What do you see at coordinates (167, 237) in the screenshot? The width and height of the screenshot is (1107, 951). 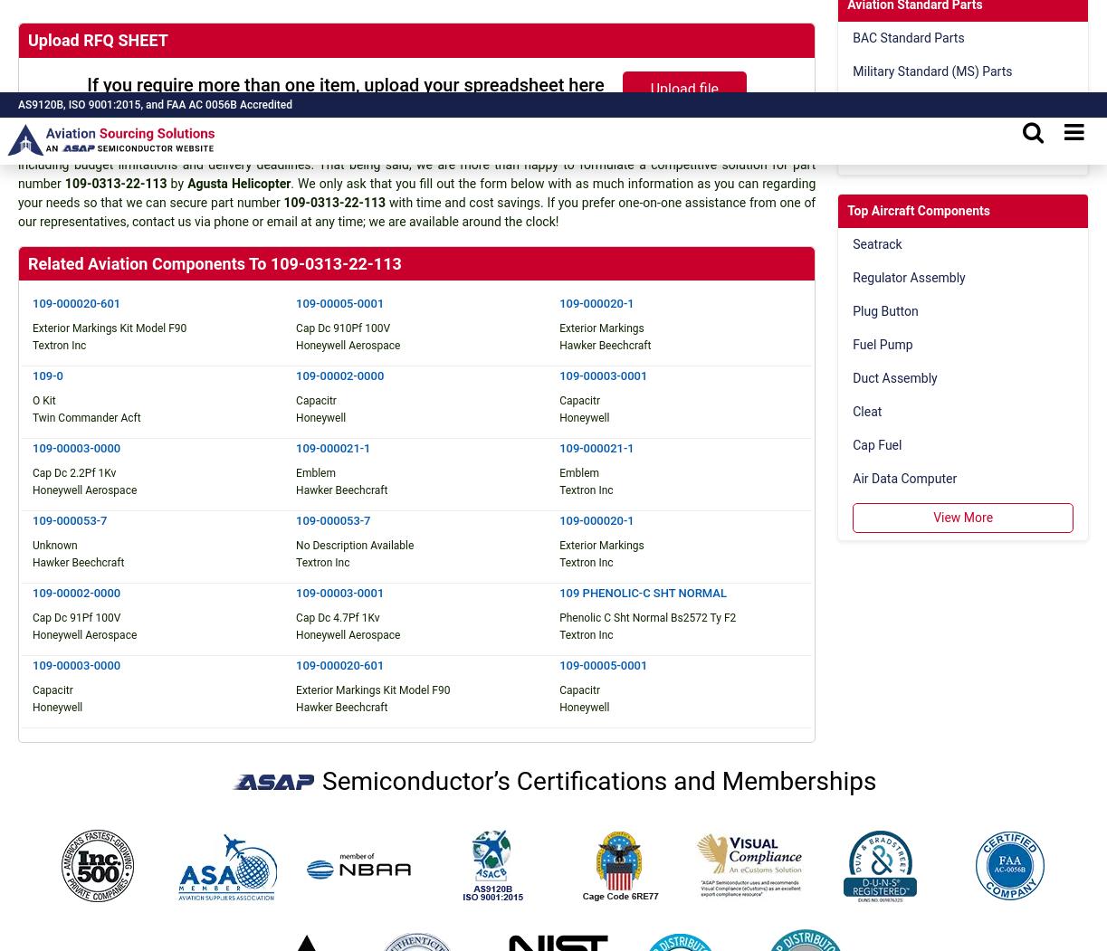 I see `'NO CHINA SOURCING Pledge'` at bounding box center [167, 237].